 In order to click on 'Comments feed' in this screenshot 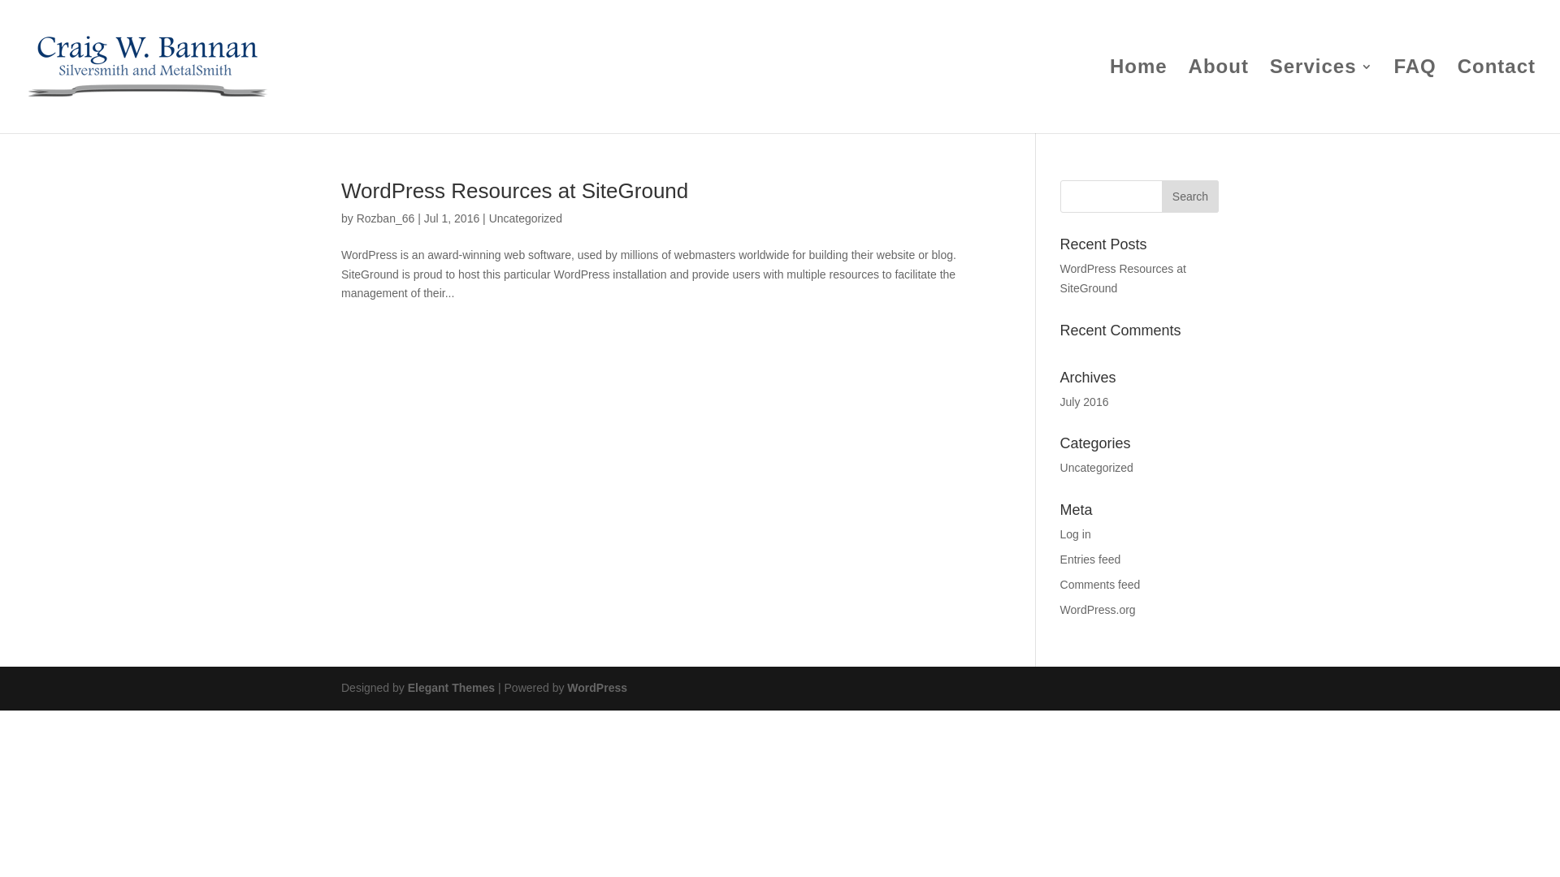, I will do `click(1100, 585)`.